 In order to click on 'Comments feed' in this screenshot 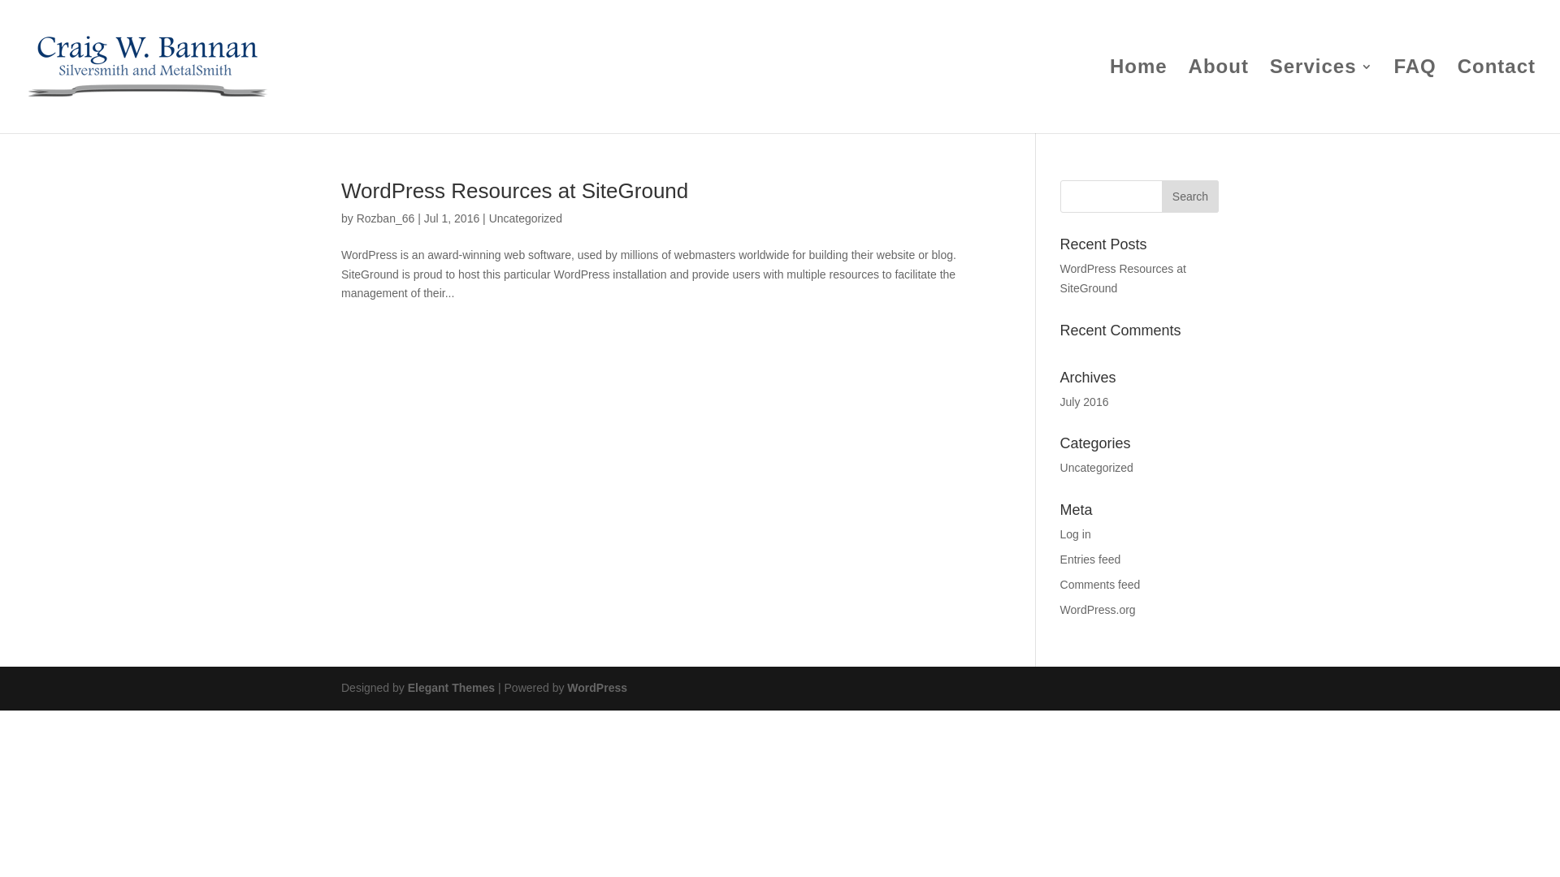, I will do `click(1100, 585)`.